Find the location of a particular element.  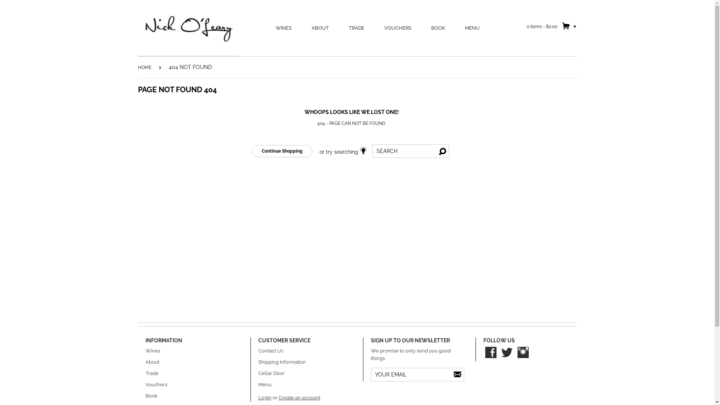

'Trade' is located at coordinates (145, 373).